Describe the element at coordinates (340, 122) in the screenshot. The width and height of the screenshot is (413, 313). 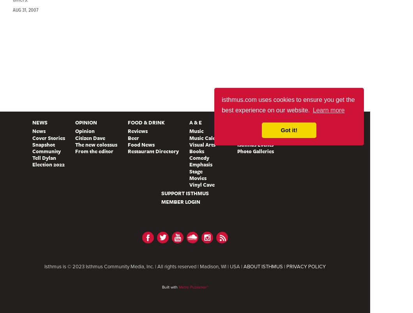
I see `'STORE'` at that location.